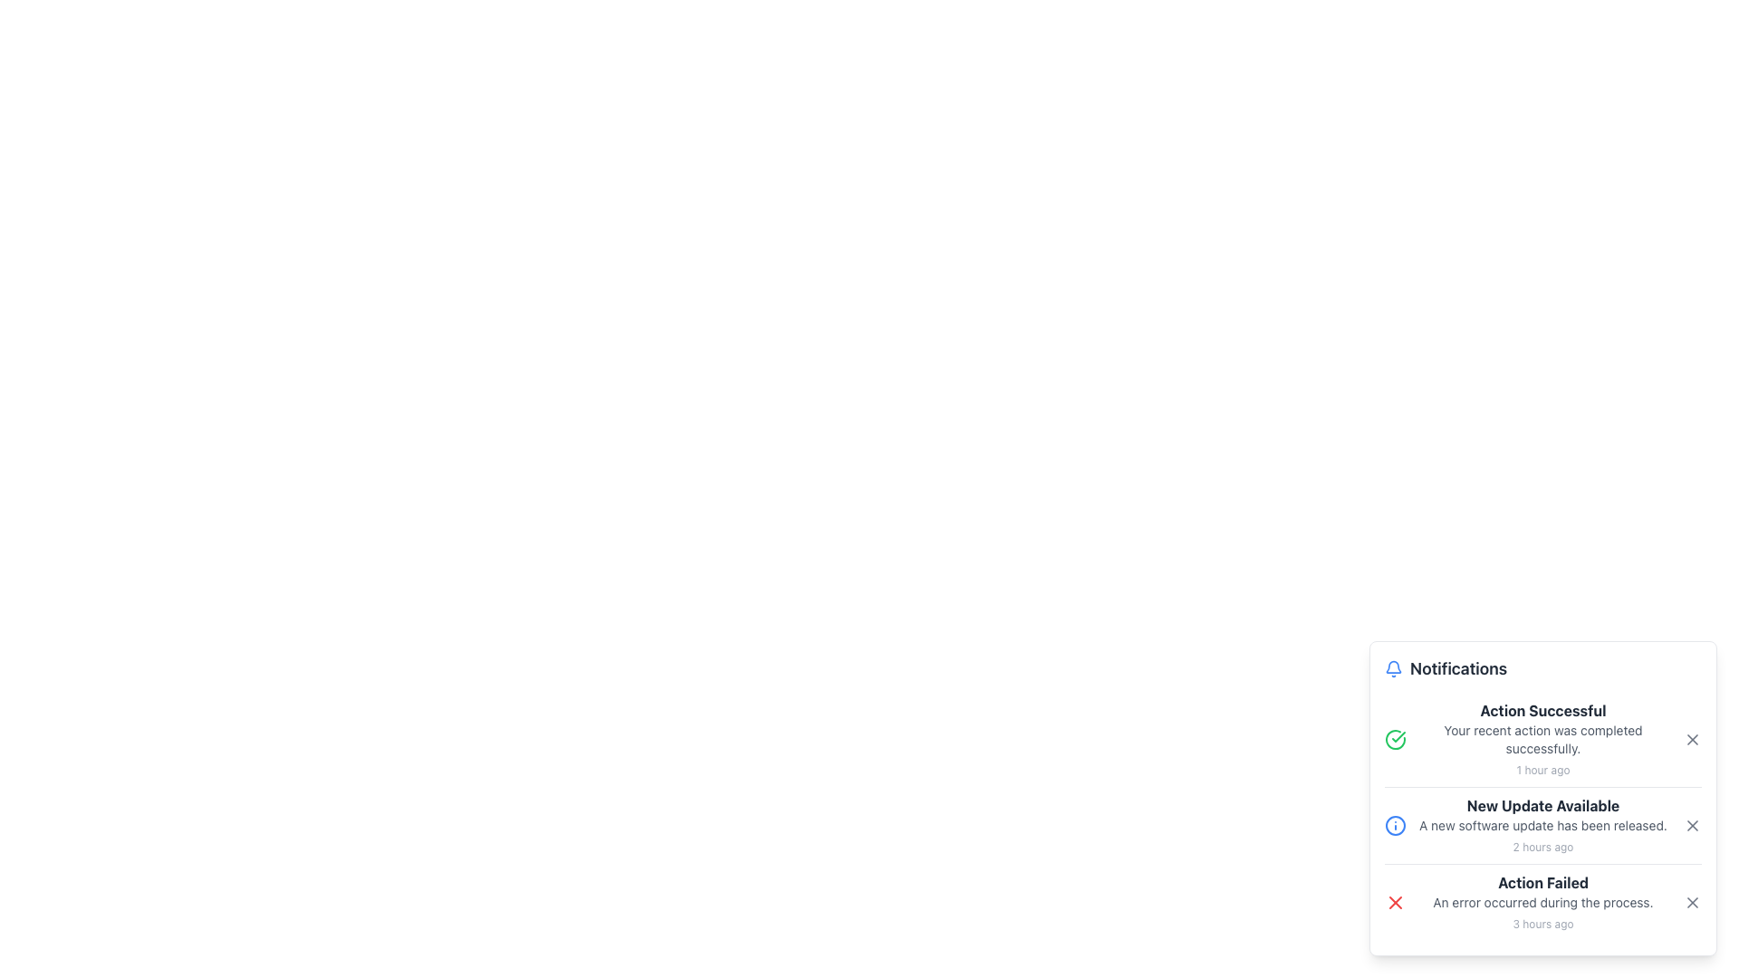 This screenshot has width=1739, height=978. What do you see at coordinates (1393, 669) in the screenshot?
I see `the blue bell icon located to the left of the 'Notifications' title text in the top-right part of the notification section` at bounding box center [1393, 669].